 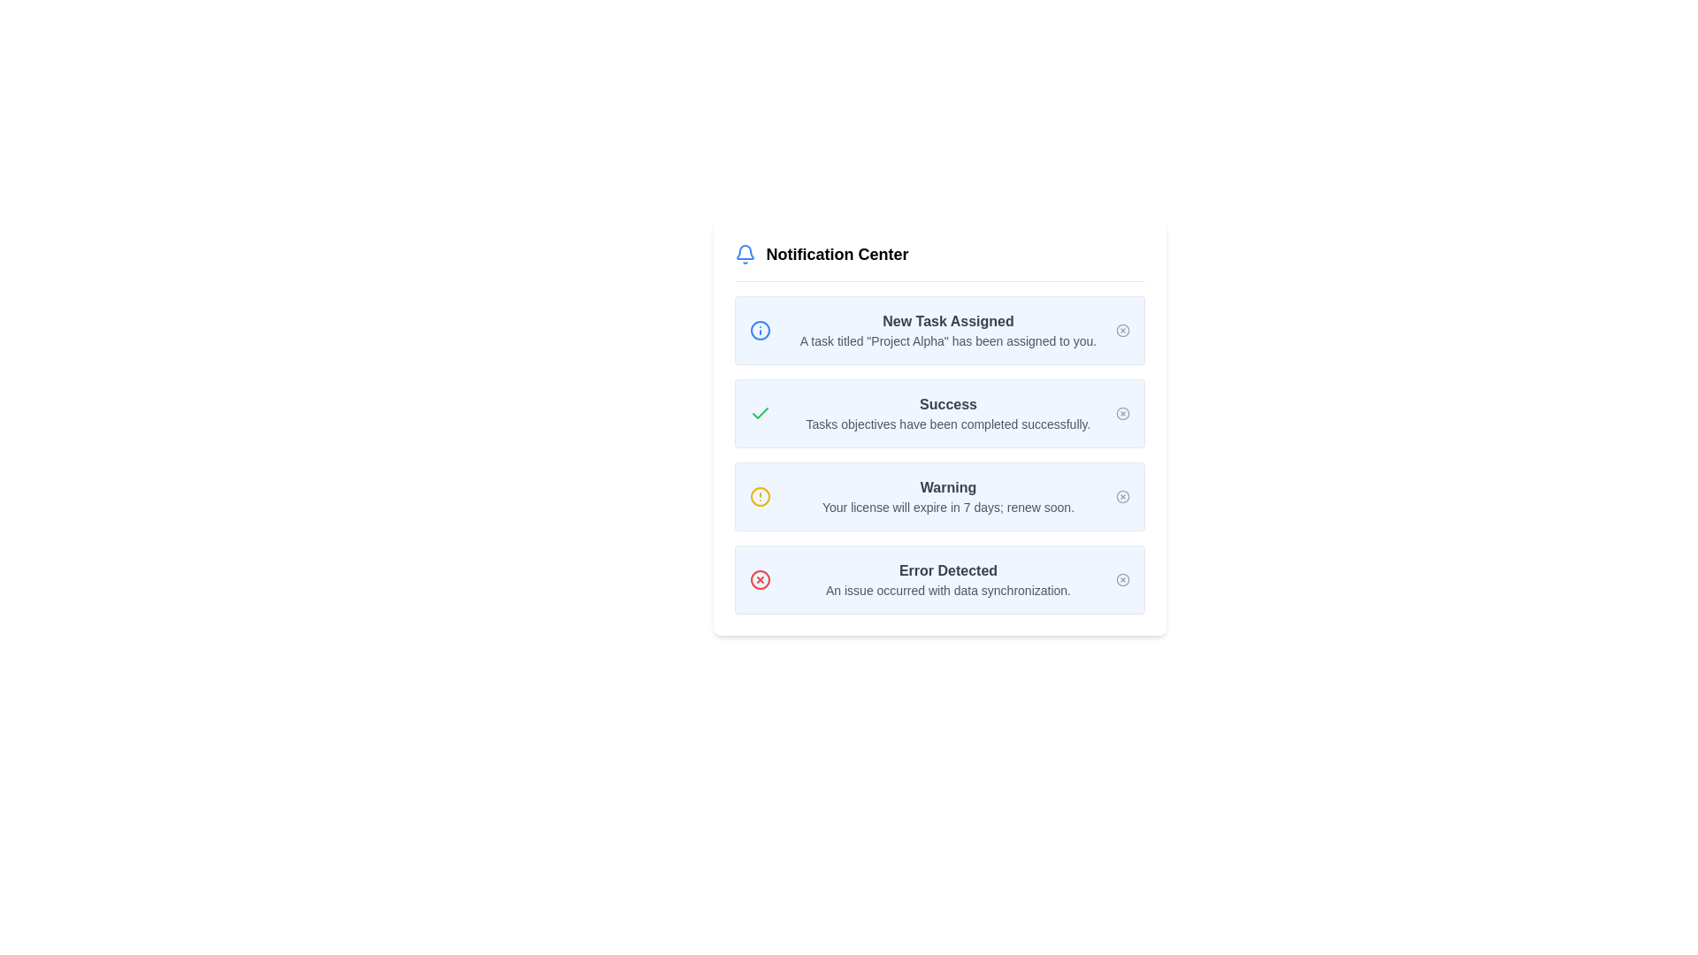 What do you see at coordinates (947, 579) in the screenshot?
I see `the error notification message located at the bottom of the notification list, which follows notifications titled 'New Task Assigned,' 'Success,' and 'Warning.'` at bounding box center [947, 579].